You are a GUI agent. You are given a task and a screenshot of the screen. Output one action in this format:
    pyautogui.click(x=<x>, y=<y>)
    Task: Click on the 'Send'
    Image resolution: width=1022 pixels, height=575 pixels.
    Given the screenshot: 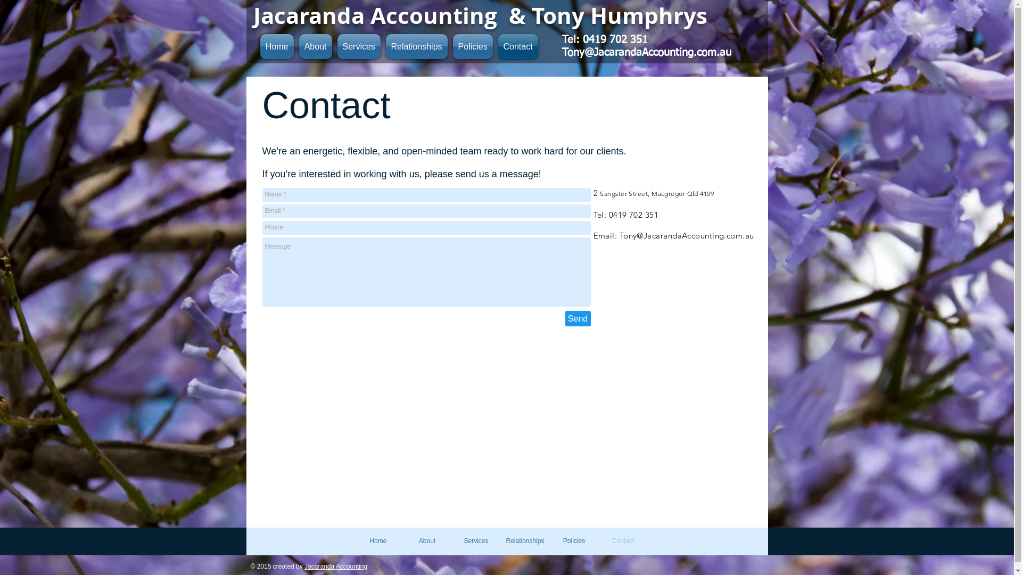 What is the action you would take?
    pyautogui.click(x=577, y=318)
    